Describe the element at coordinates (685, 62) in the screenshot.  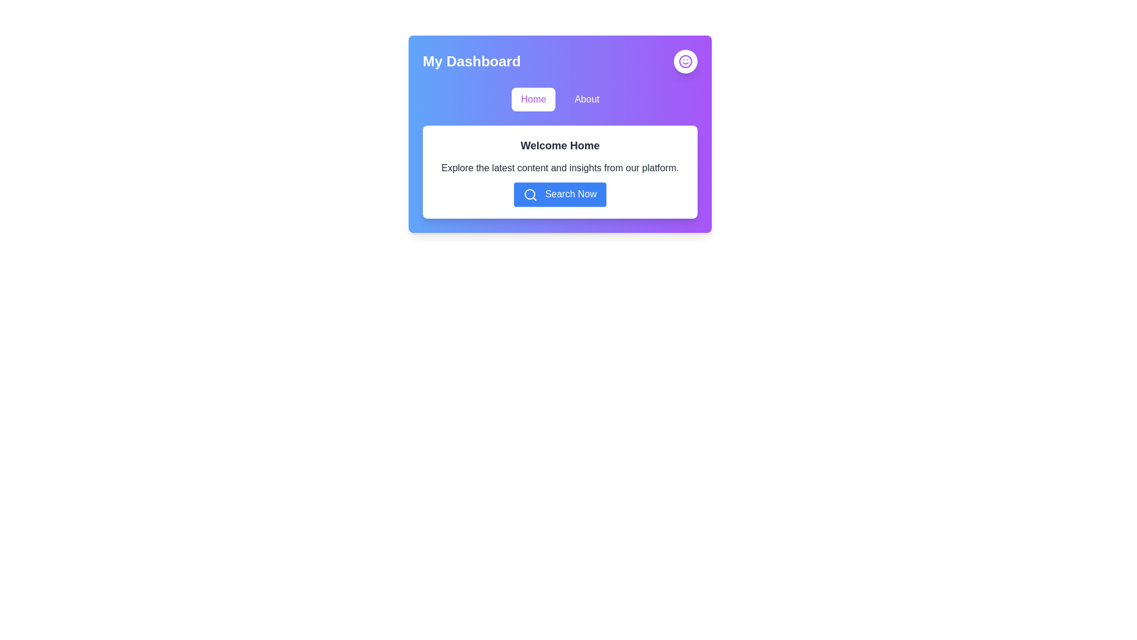
I see `the circular stroke portion of the smiley face icon located in the top-right corner of the card interface` at that location.